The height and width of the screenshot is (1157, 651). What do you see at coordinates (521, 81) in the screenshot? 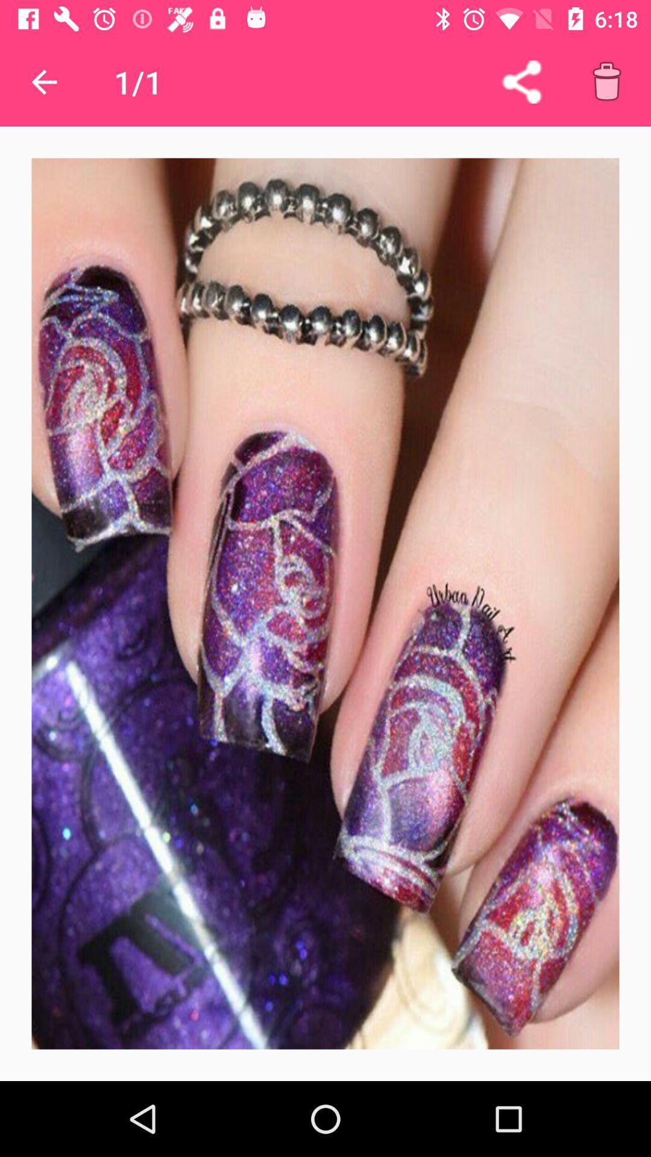
I see `item next to the 1/1 icon` at bounding box center [521, 81].